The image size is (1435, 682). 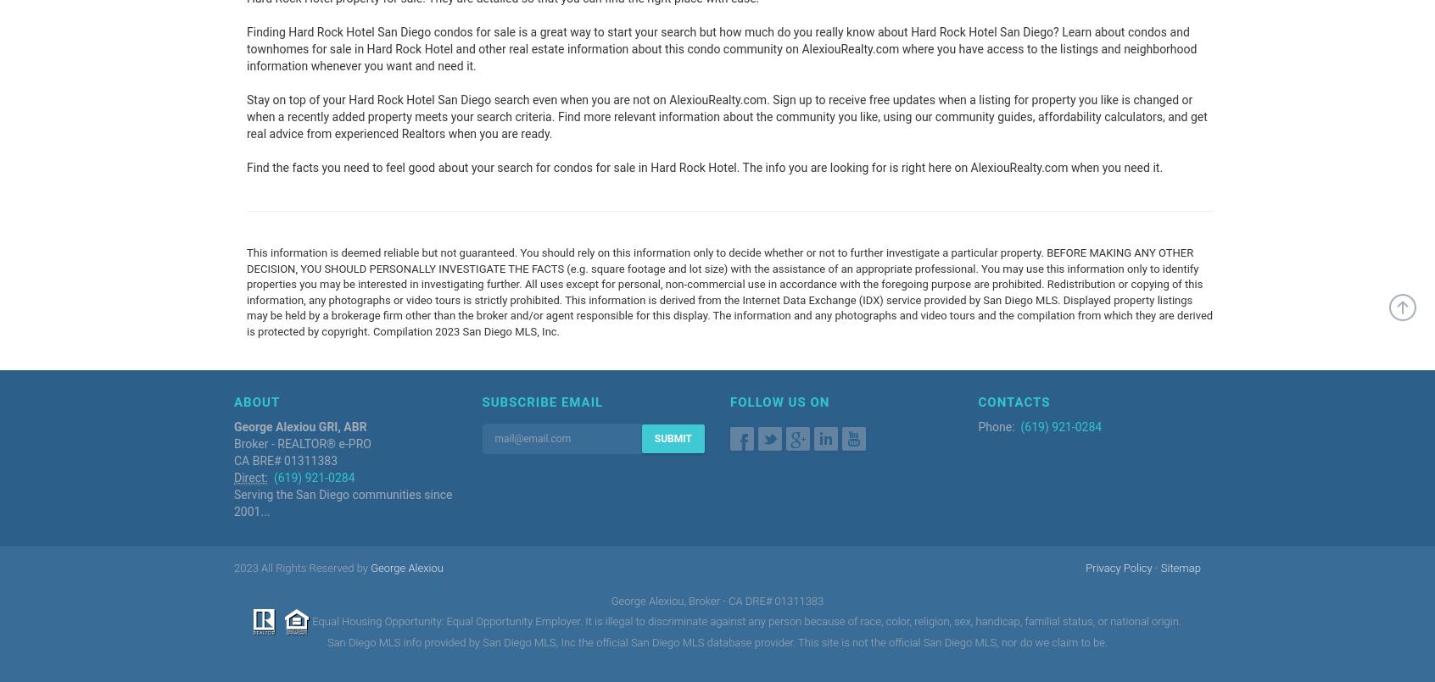 I want to click on 'Find the facts you need to feel good about your search for condos for sale in Hard Rock Hotel. The info you are looking for is right here on AlexiouRealty.com when you need it.', so click(x=704, y=167).